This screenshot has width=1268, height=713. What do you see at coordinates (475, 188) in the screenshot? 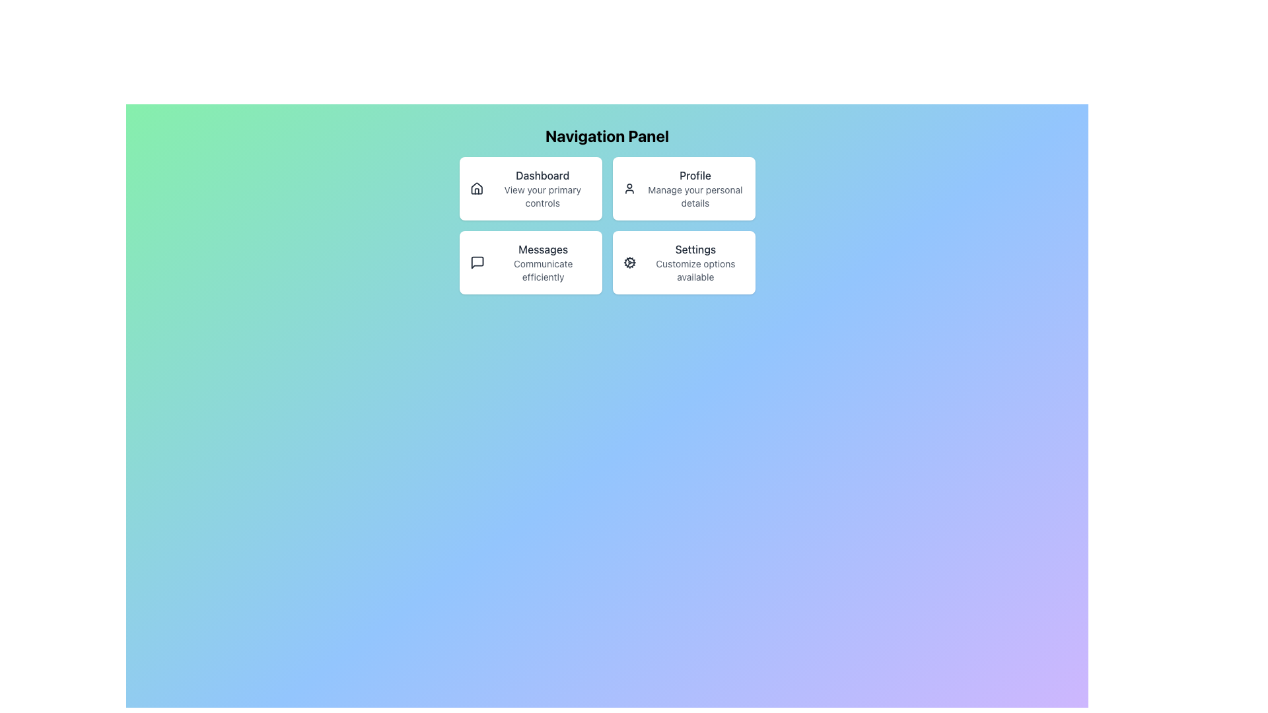
I see `the home-shaped icon, which is located to the far left within the 'Dashboard: View your primary controls' group and is vertically centered with the text` at bounding box center [475, 188].